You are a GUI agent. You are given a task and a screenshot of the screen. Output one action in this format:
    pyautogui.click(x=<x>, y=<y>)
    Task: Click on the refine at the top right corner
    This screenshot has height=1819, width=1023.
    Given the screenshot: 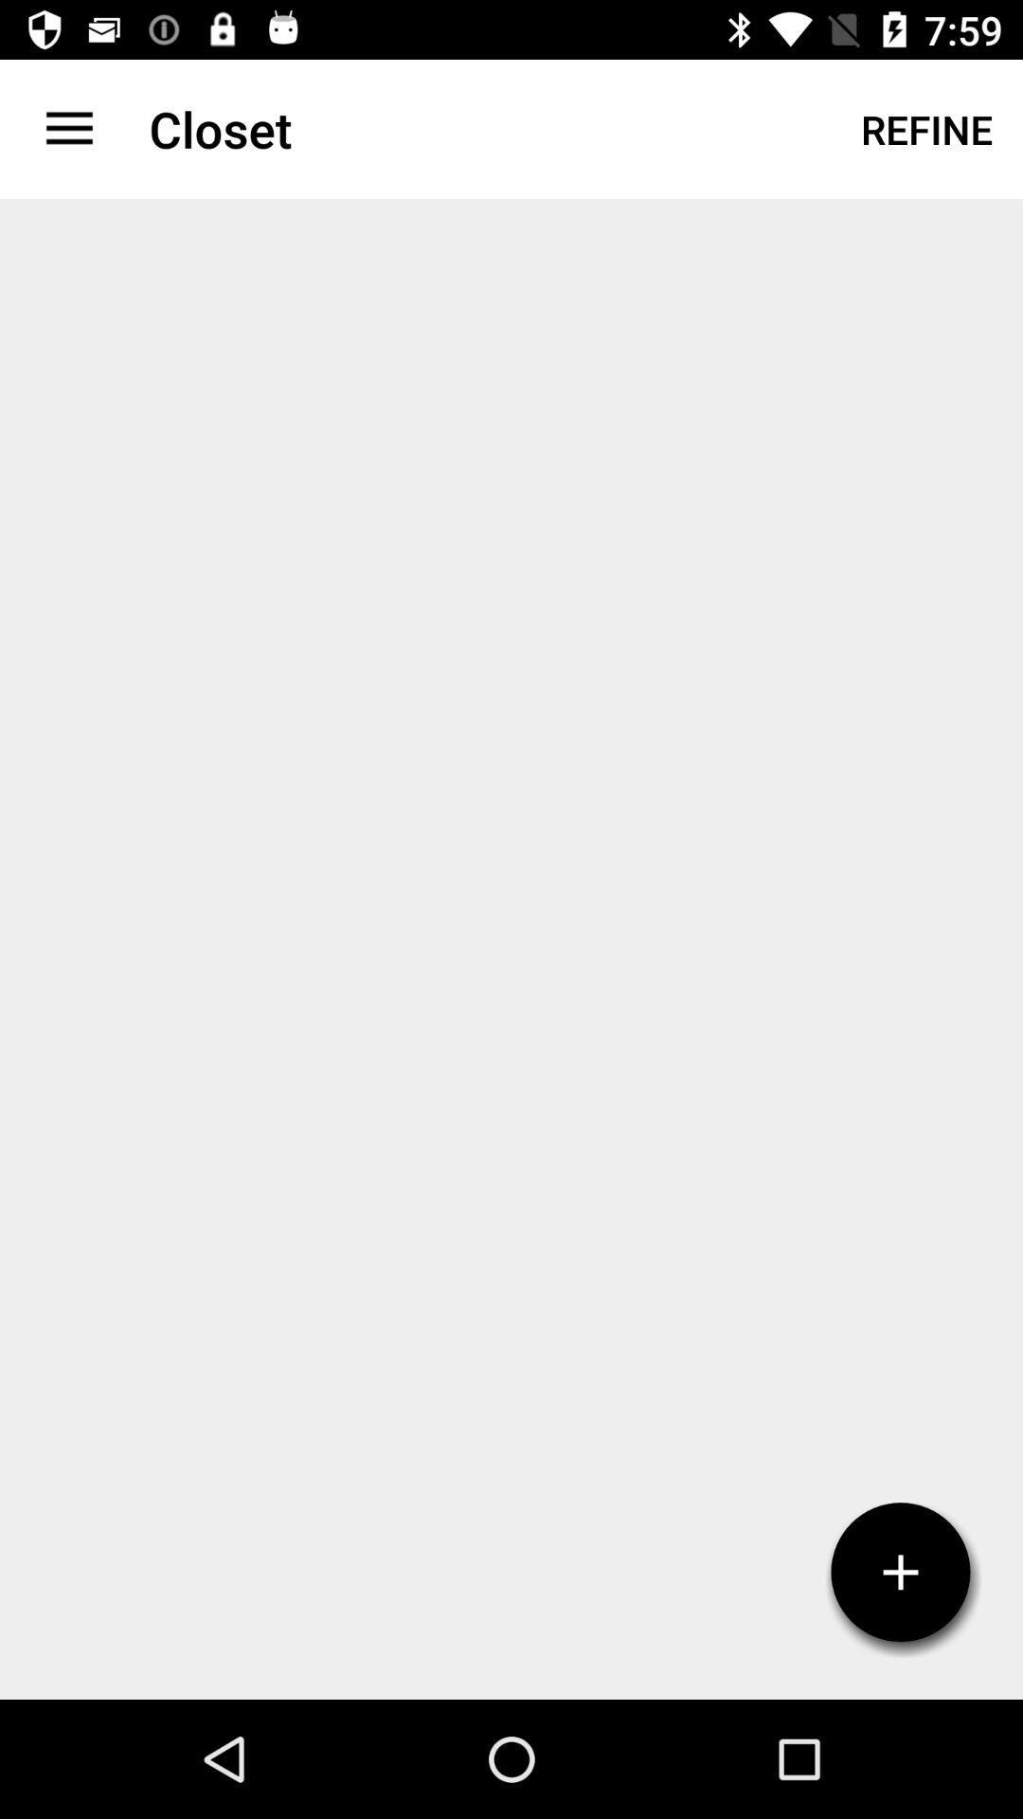 What is the action you would take?
    pyautogui.click(x=925, y=128)
    